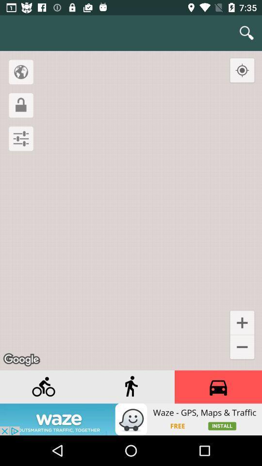 Image resolution: width=262 pixels, height=466 pixels. What do you see at coordinates (218, 387) in the screenshot?
I see `directions by vehicle` at bounding box center [218, 387].